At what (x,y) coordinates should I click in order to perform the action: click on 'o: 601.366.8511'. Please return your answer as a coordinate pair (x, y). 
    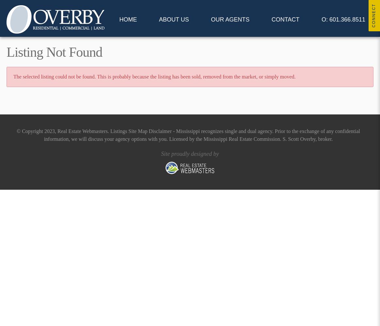
    Looking at the image, I should click on (343, 20).